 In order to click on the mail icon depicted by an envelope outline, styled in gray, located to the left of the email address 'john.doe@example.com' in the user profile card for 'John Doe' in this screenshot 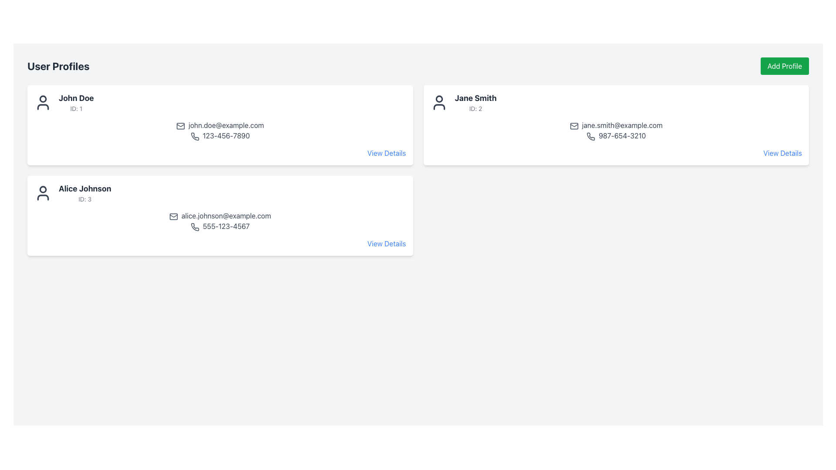, I will do `click(180, 126)`.